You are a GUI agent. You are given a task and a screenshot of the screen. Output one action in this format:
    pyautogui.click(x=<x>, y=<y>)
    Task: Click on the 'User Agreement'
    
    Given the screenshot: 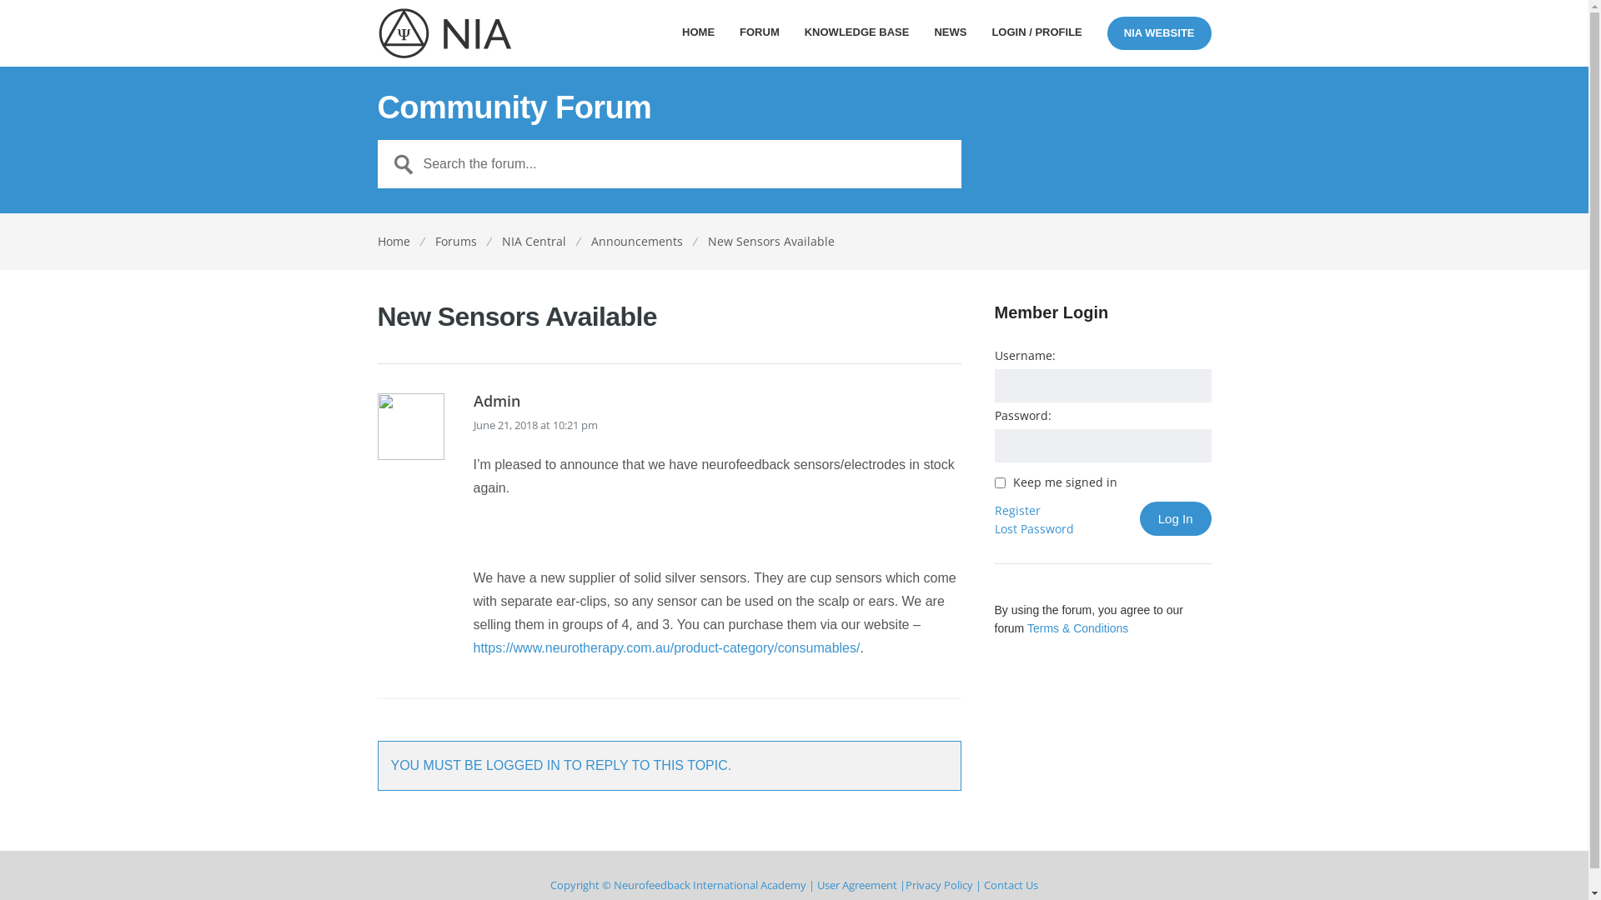 What is the action you would take?
    pyautogui.click(x=856, y=883)
    